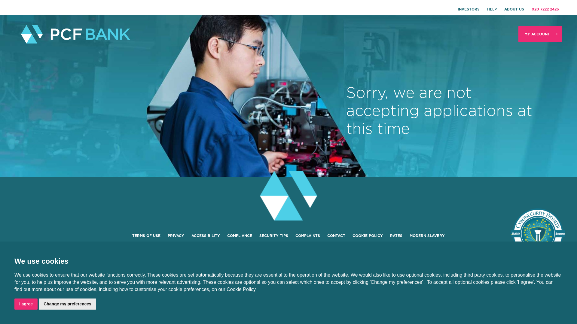  I want to click on 'INVESTORS', so click(468, 9).